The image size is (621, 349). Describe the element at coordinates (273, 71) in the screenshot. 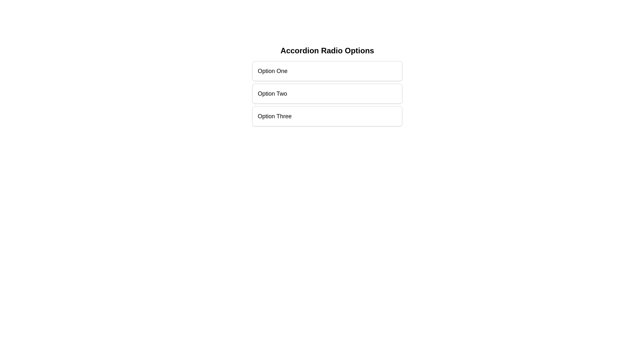

I see `the text element 'Option One' which is styled in medium bold font and located within the first option of the 'Accordion Radio Options' list` at that location.